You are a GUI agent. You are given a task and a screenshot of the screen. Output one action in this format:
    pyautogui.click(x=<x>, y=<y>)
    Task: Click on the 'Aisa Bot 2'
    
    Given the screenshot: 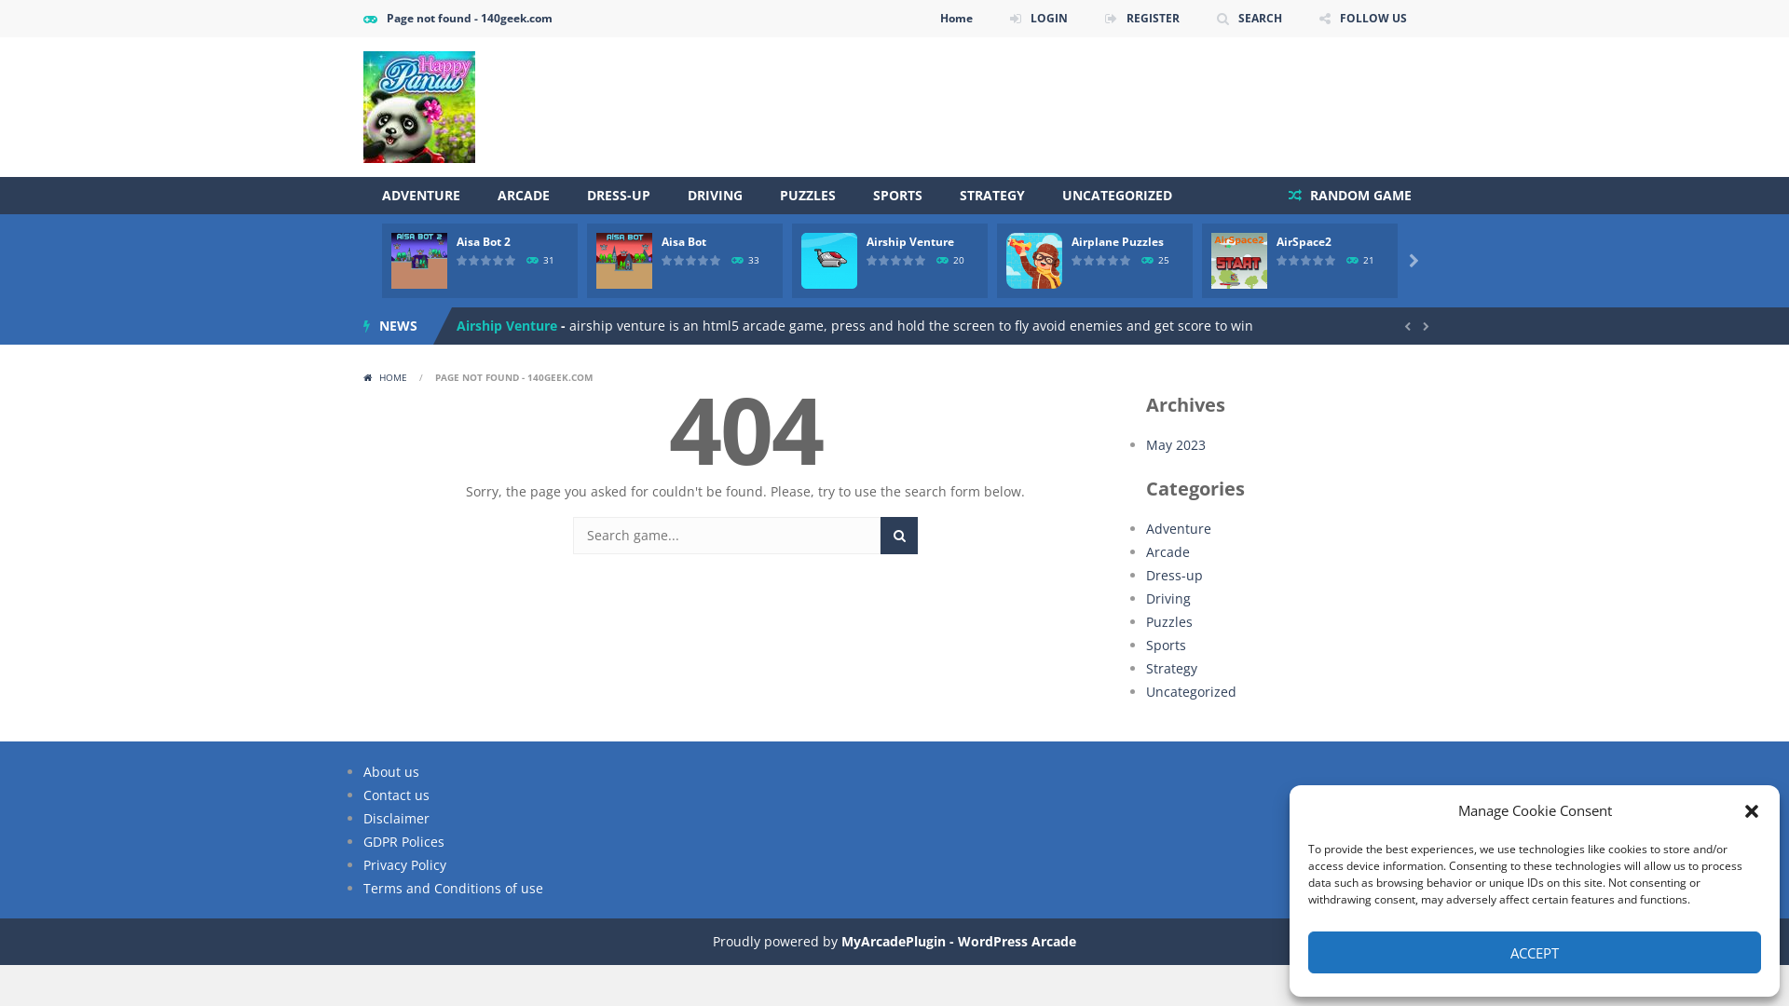 What is the action you would take?
    pyautogui.click(x=483, y=240)
    